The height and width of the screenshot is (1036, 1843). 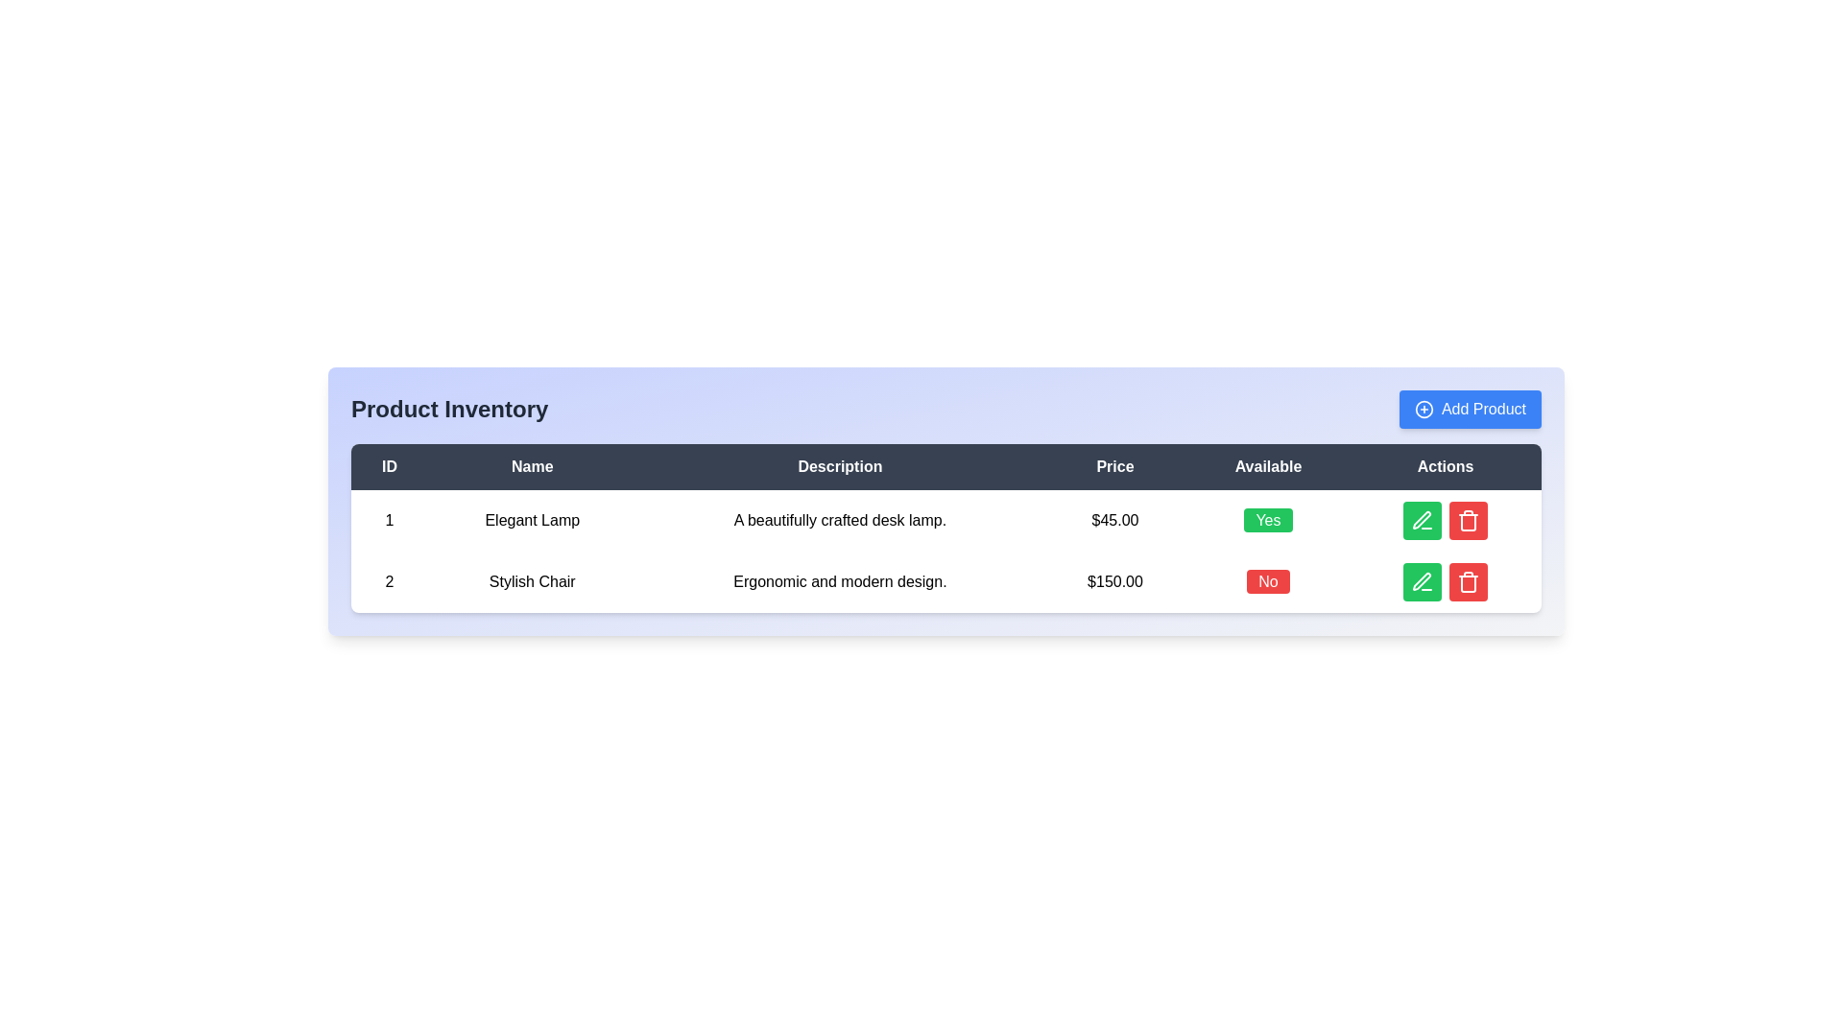 What do you see at coordinates (1423, 521) in the screenshot?
I see `the green rectangular button with rounded corners containing a white pen icon, located in the second row of the action column within the table` at bounding box center [1423, 521].